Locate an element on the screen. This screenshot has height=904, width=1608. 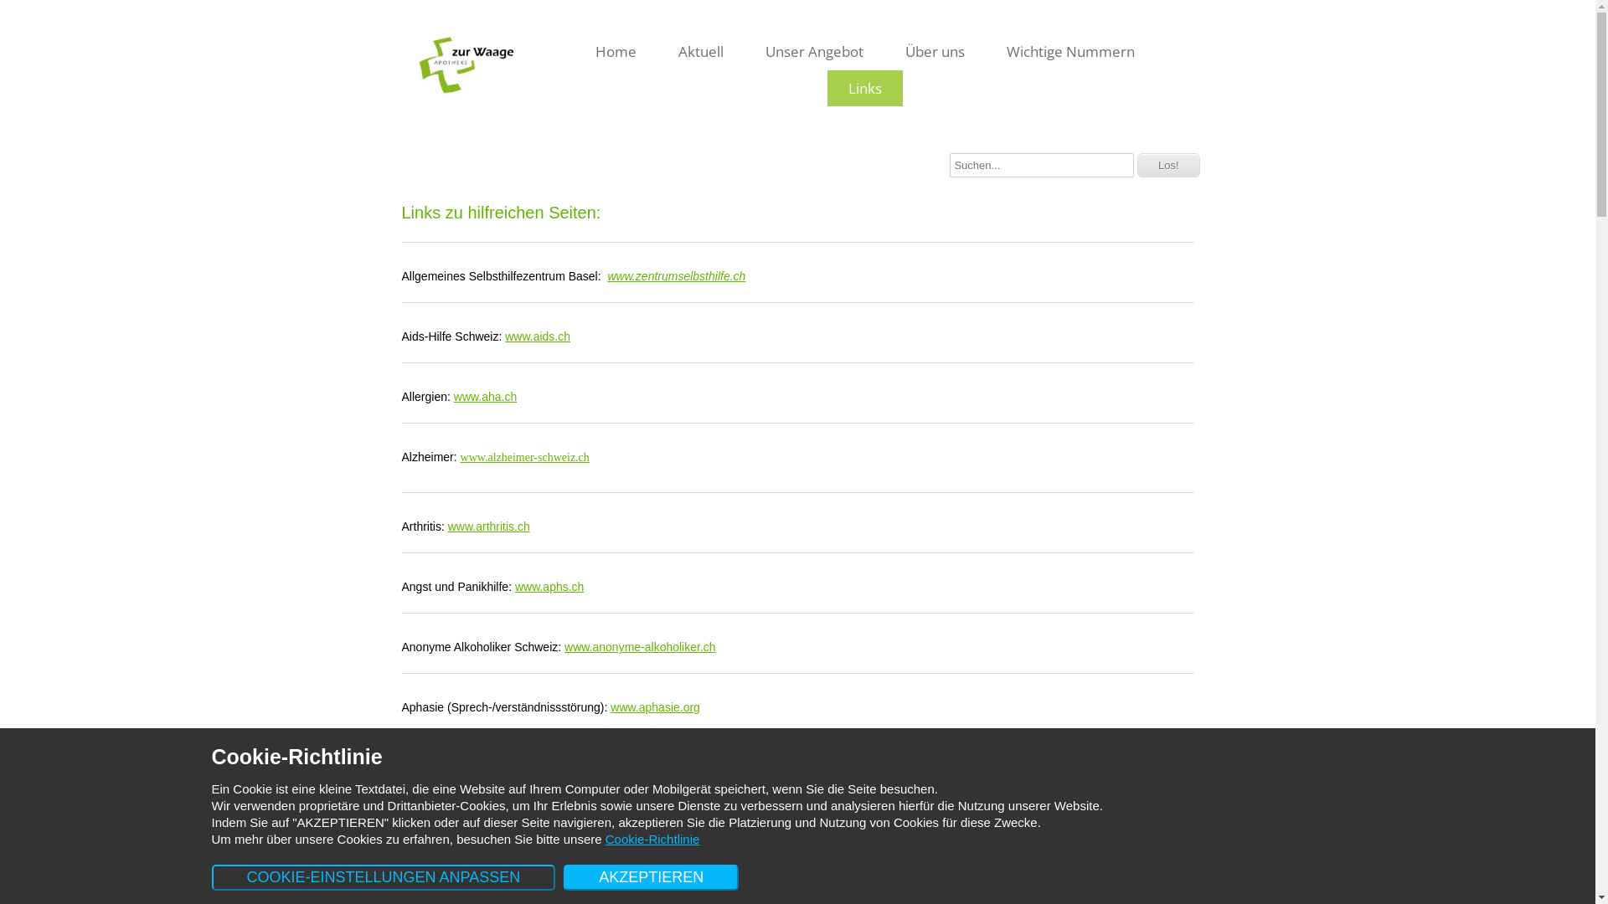
'Los!' is located at coordinates (1167, 165).